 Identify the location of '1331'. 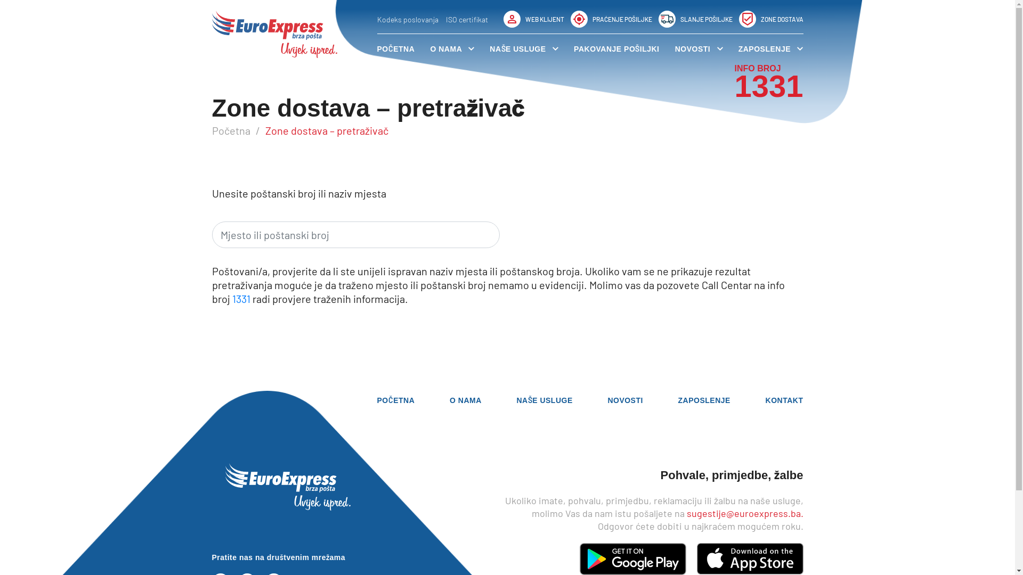
(232, 298).